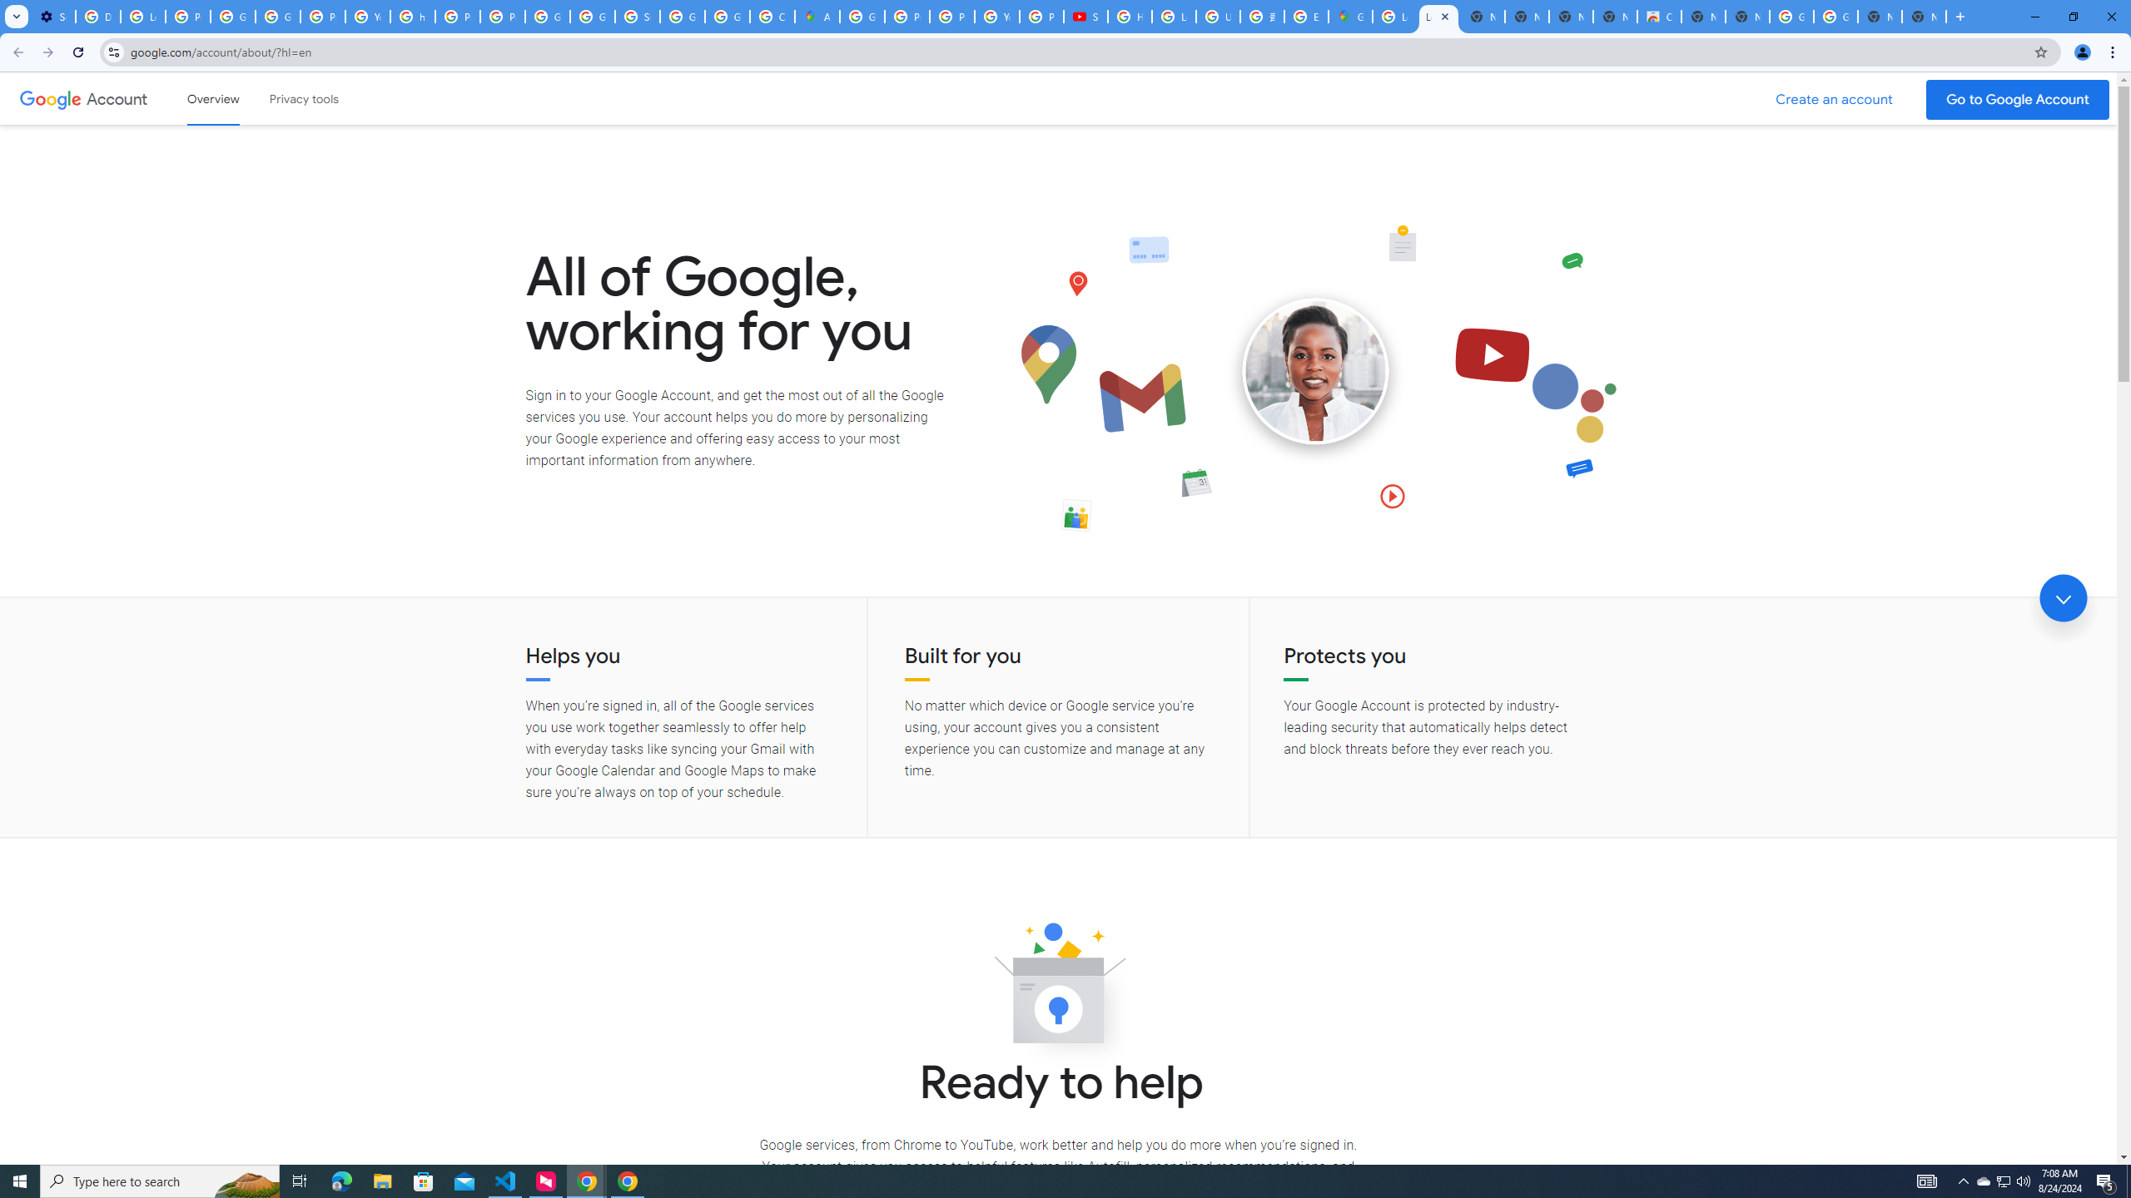 The height and width of the screenshot is (1198, 2131). Describe the element at coordinates (367, 16) in the screenshot. I see `'YouTube'` at that location.